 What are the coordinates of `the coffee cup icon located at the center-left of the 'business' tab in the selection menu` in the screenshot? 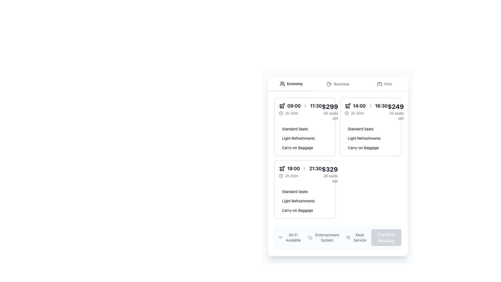 It's located at (329, 84).